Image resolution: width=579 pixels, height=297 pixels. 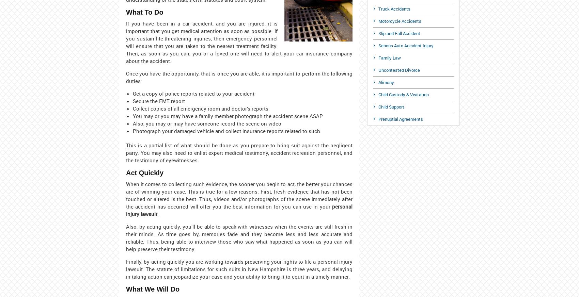 What do you see at coordinates (145, 172) in the screenshot?
I see `'Act Quickly'` at bounding box center [145, 172].